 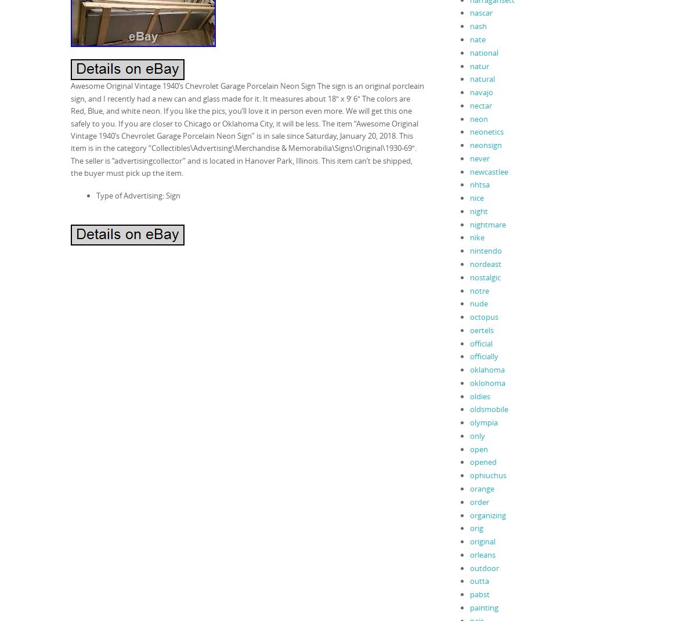 What do you see at coordinates (478, 210) in the screenshot?
I see `'night'` at bounding box center [478, 210].